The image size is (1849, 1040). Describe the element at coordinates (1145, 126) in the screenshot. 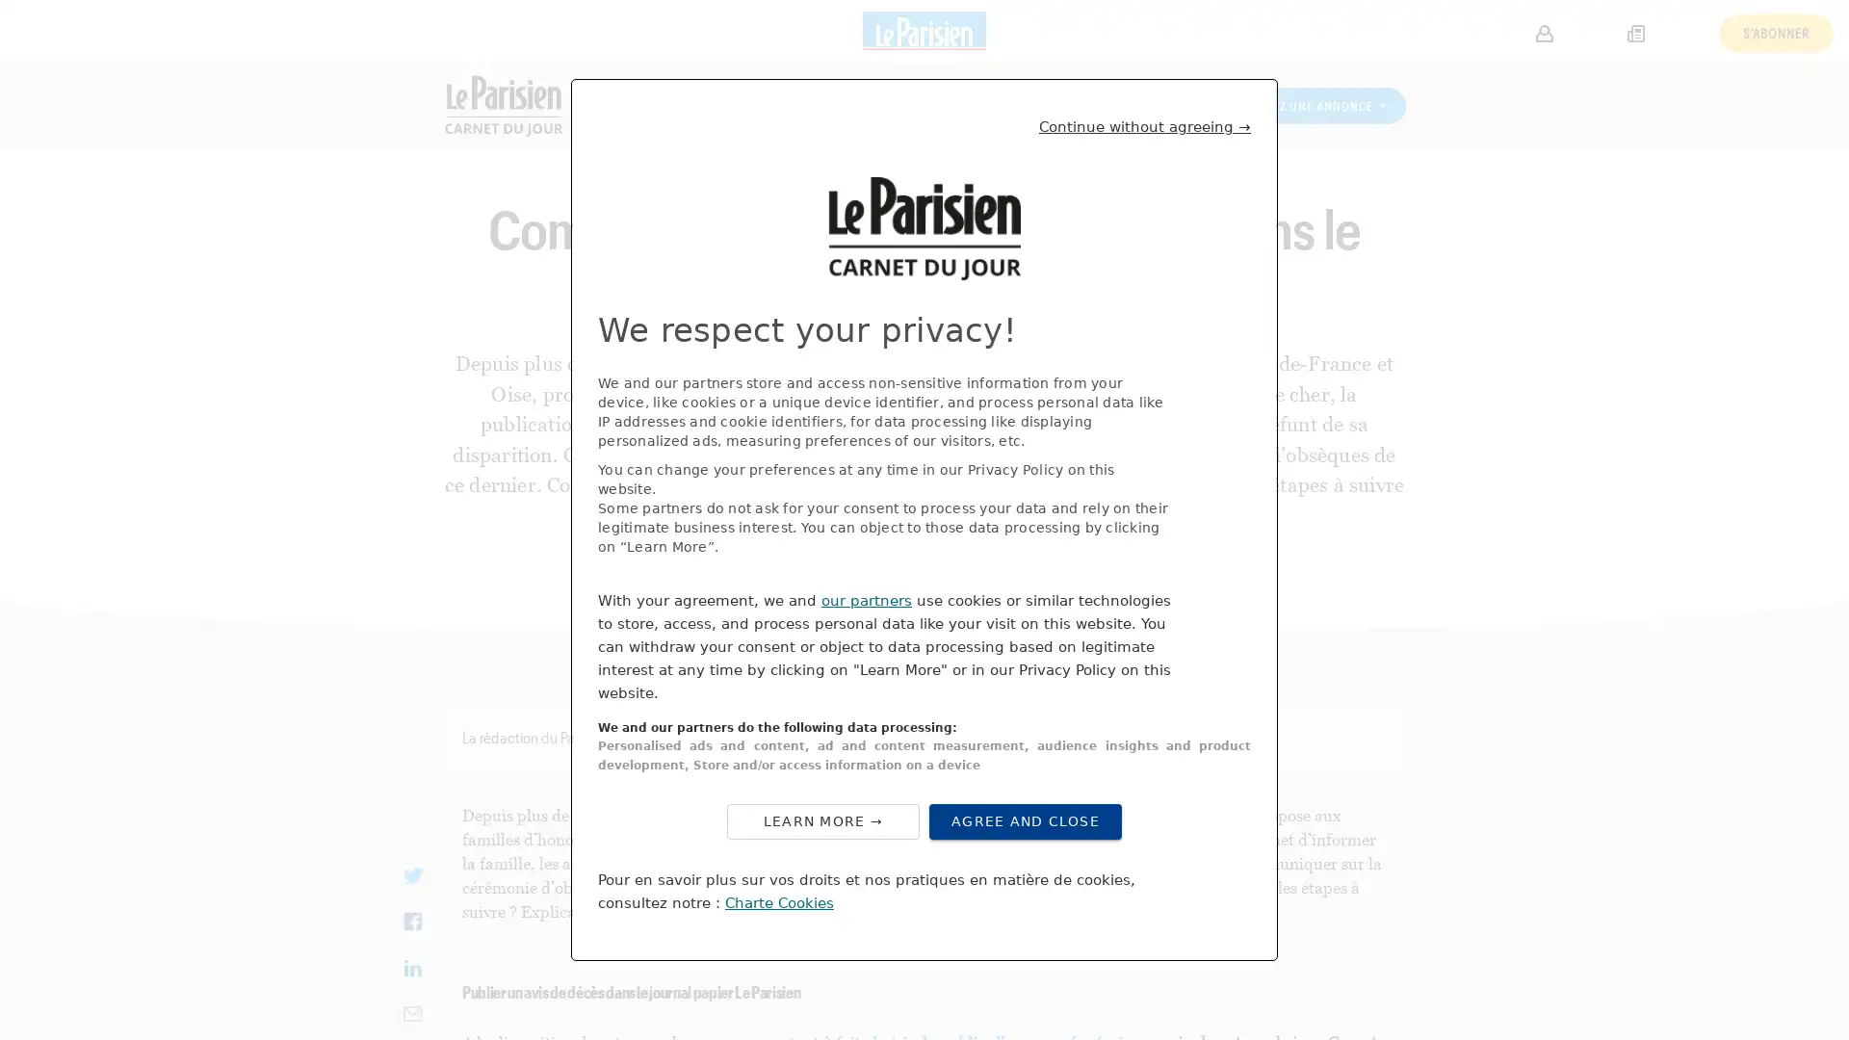

I see `Continue without agreeing` at that location.